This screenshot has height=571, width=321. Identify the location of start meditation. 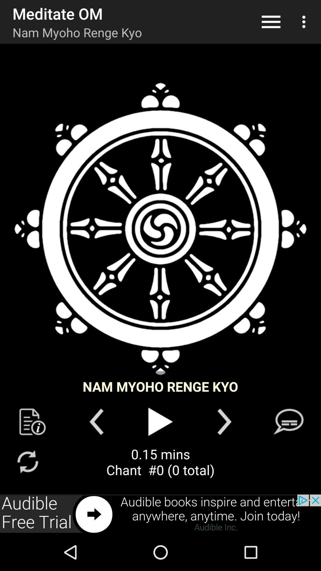
(160, 421).